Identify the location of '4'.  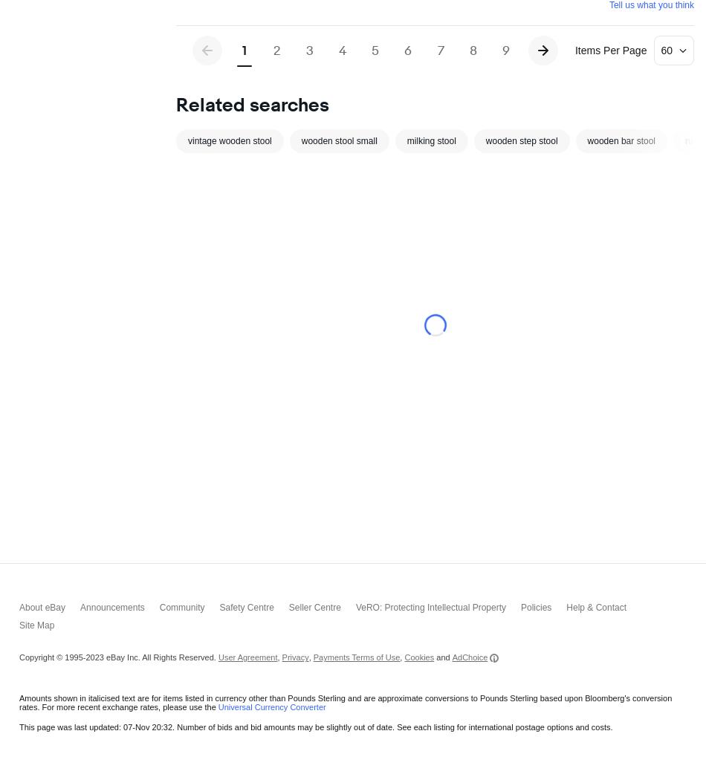
(341, 49).